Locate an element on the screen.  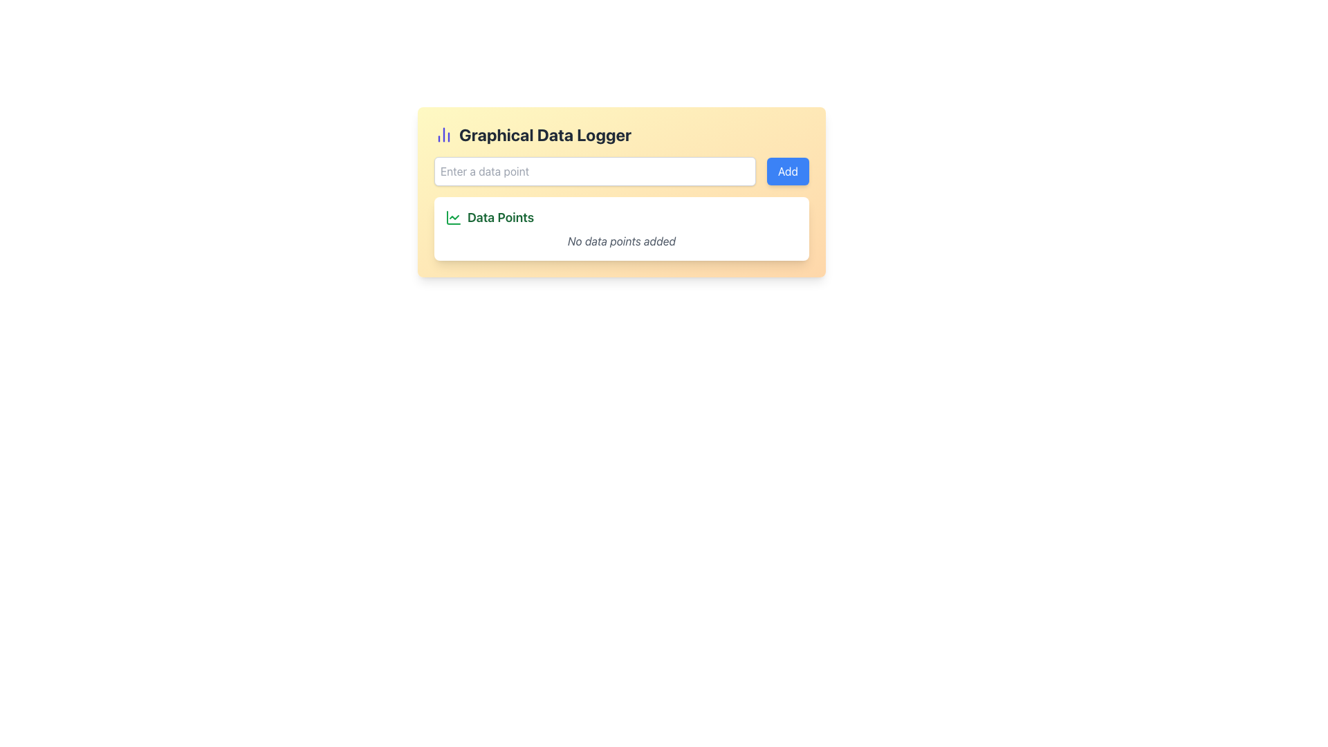
the Text label indicating that no data points are currently available, located in the 'Data Points' section below the 'Data Points' title is located at coordinates (620, 240).